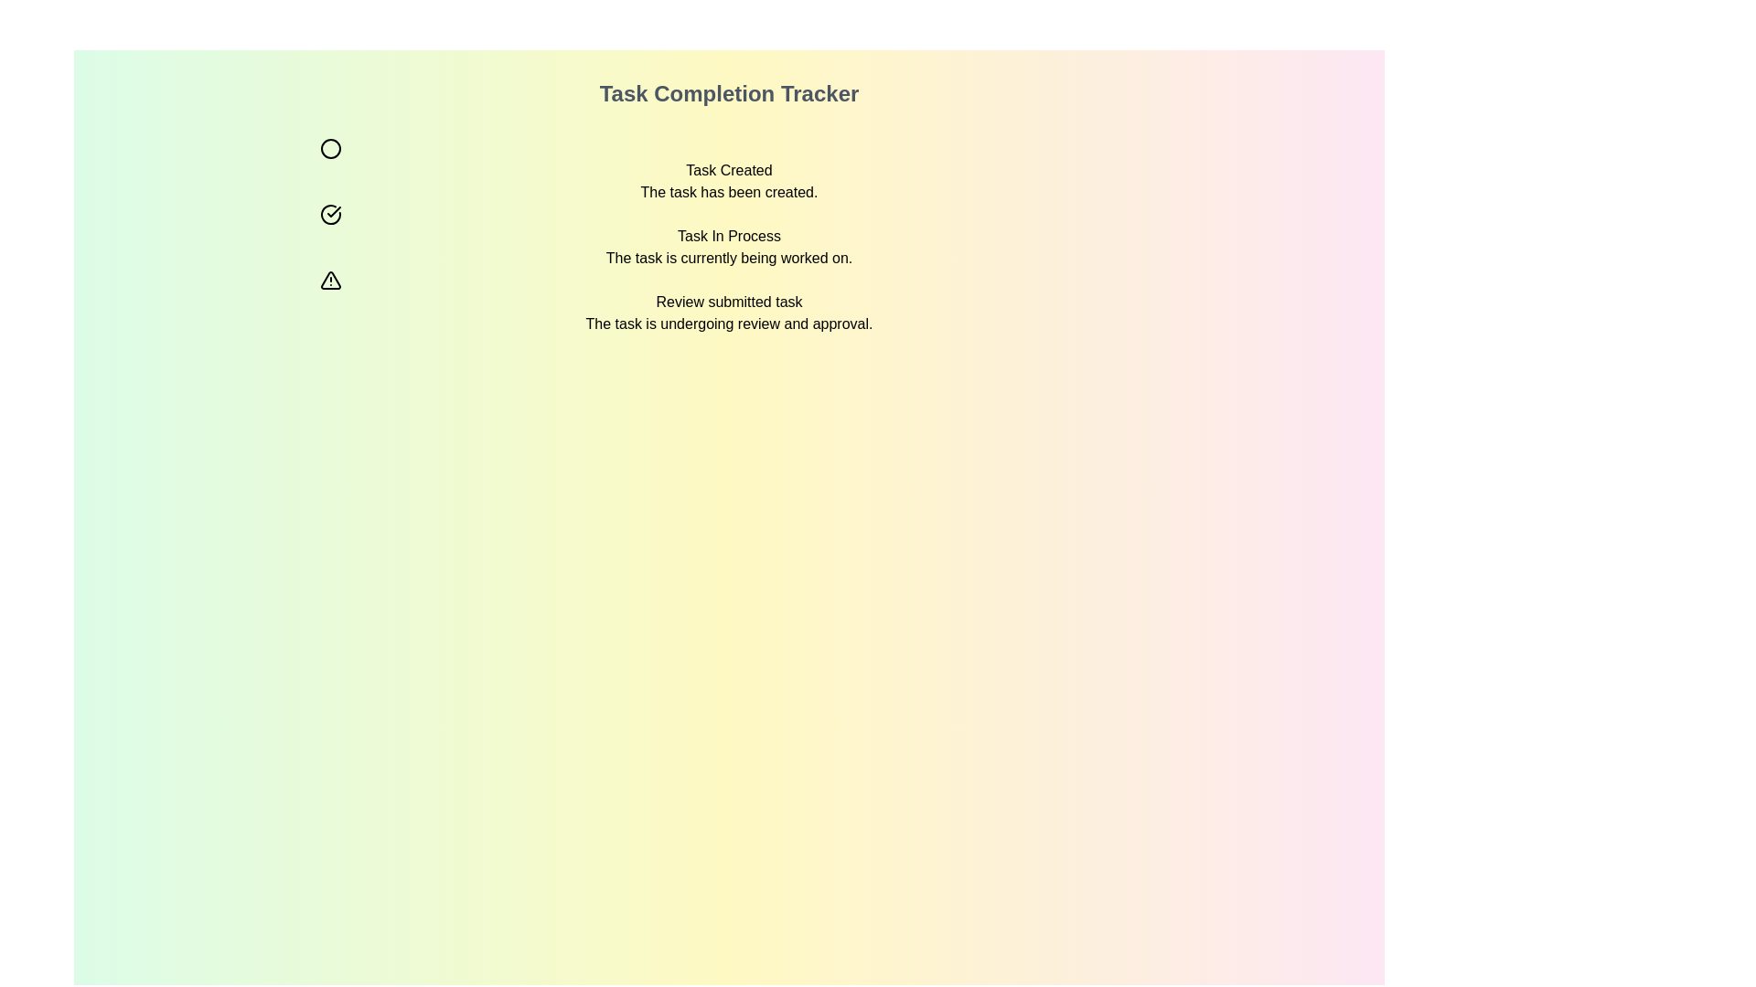  What do you see at coordinates (728, 235) in the screenshot?
I see `the text label stating 'Task In Process', which is bold and located below 'Task Completion Tracker' on a pastel background` at bounding box center [728, 235].